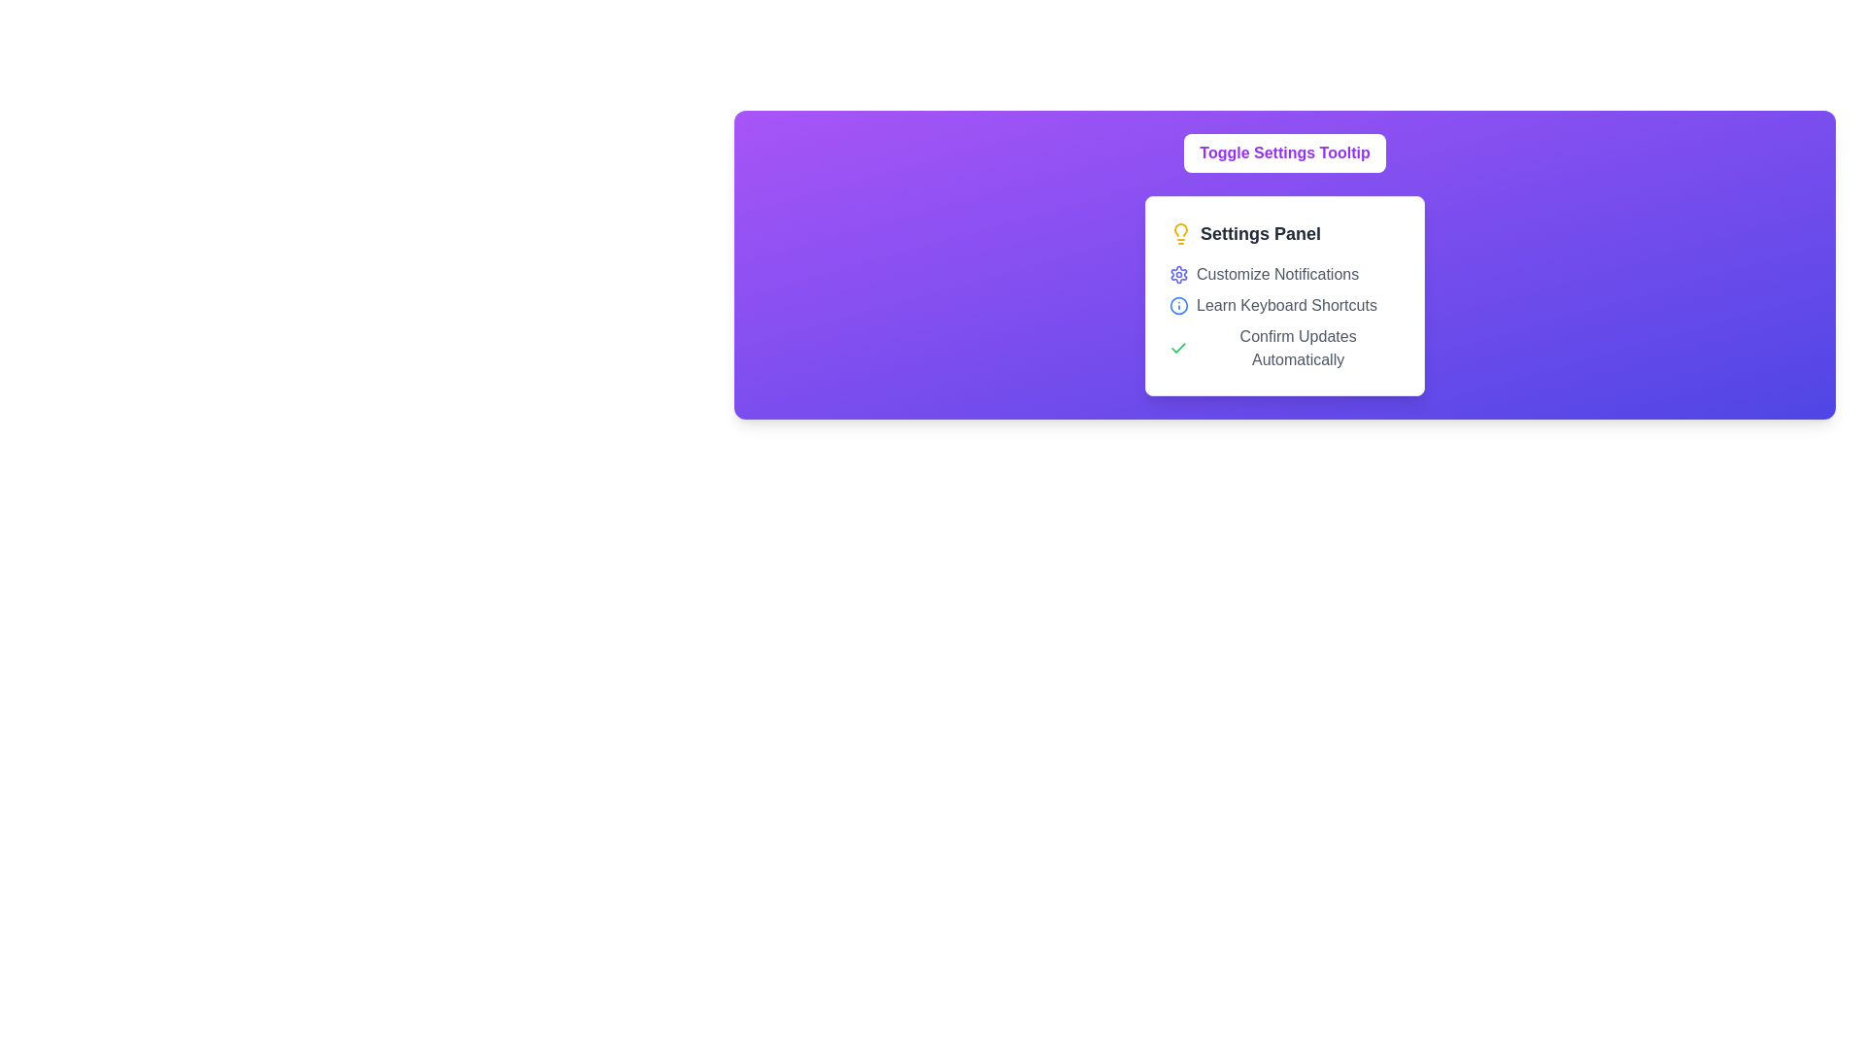 Image resolution: width=1865 pixels, height=1049 pixels. I want to click on the Static Text Label with Icon that reads 'Confirm Updates Automatically' and features a green checkmark icon, located in the settings panel as the third item in the list, so click(1285, 347).